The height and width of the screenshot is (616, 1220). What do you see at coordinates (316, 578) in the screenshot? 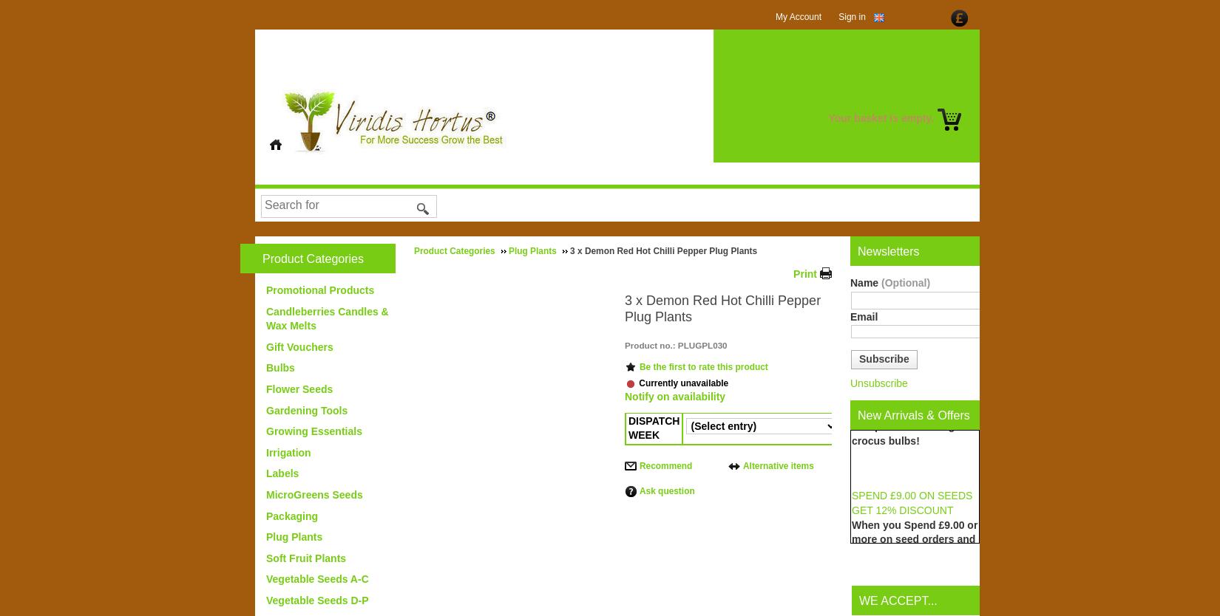
I see `'Vegetable Seeds A-C'` at bounding box center [316, 578].